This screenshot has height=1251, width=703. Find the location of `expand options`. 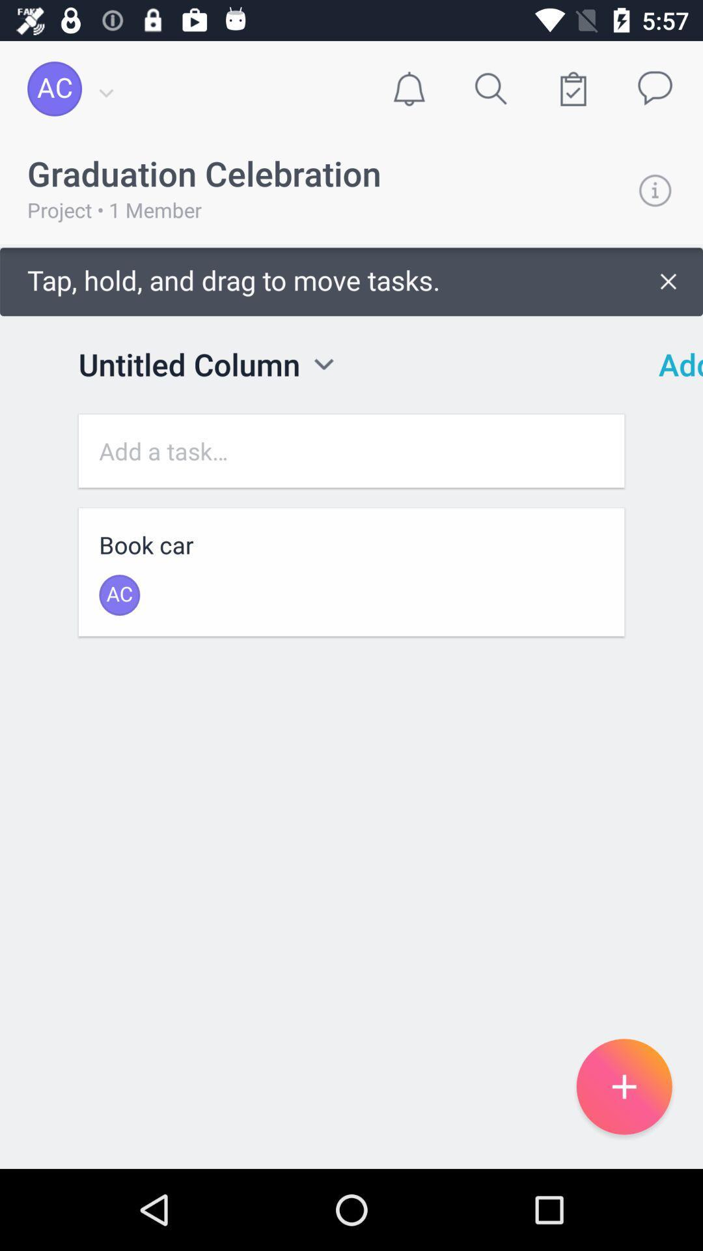

expand options is located at coordinates (323, 364).